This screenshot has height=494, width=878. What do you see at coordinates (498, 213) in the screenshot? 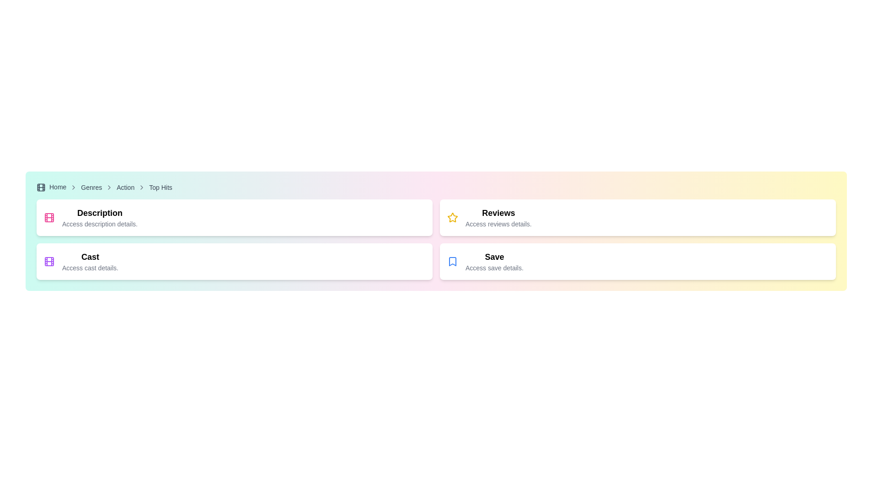
I see `the label that serves as a title for the reviews section, positioned above 'Access reviews details.' and next to a star icon` at bounding box center [498, 213].